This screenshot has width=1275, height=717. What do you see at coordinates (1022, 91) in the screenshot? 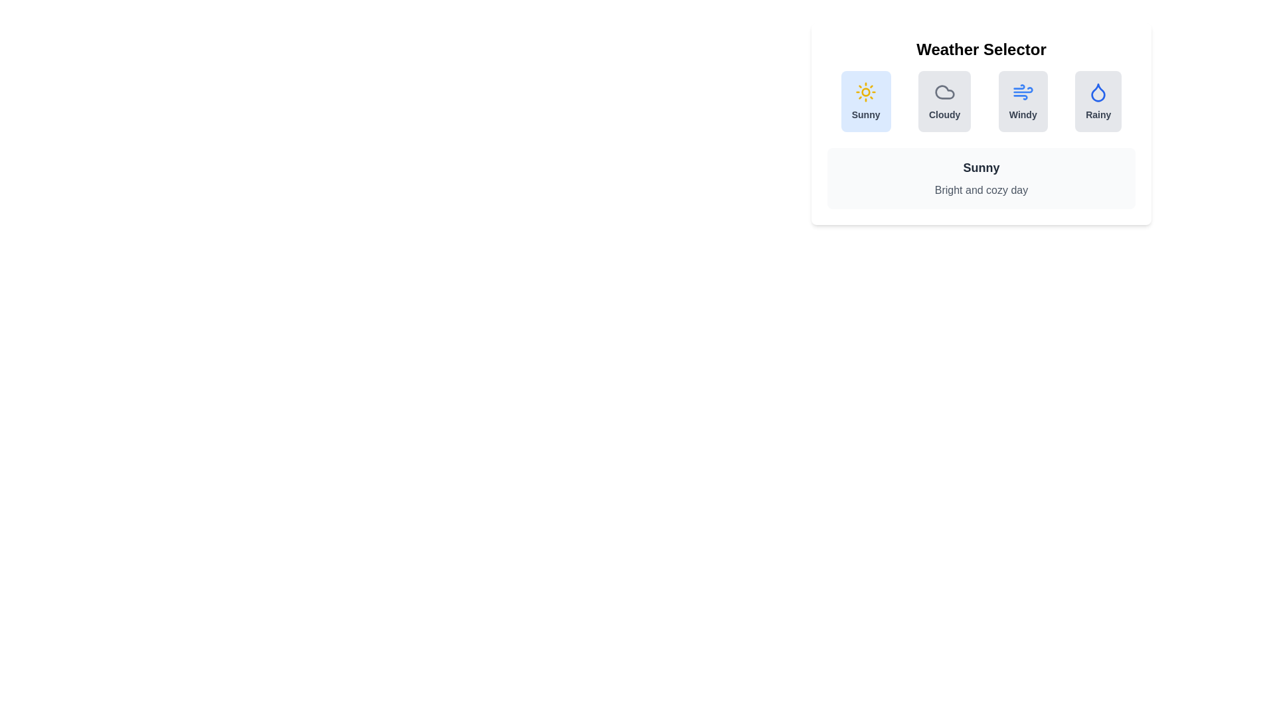
I see `the blue wind-like lines icon within the rounded rectangle representing the 'Windy' weather option in the Weather Selector interface` at bounding box center [1022, 91].